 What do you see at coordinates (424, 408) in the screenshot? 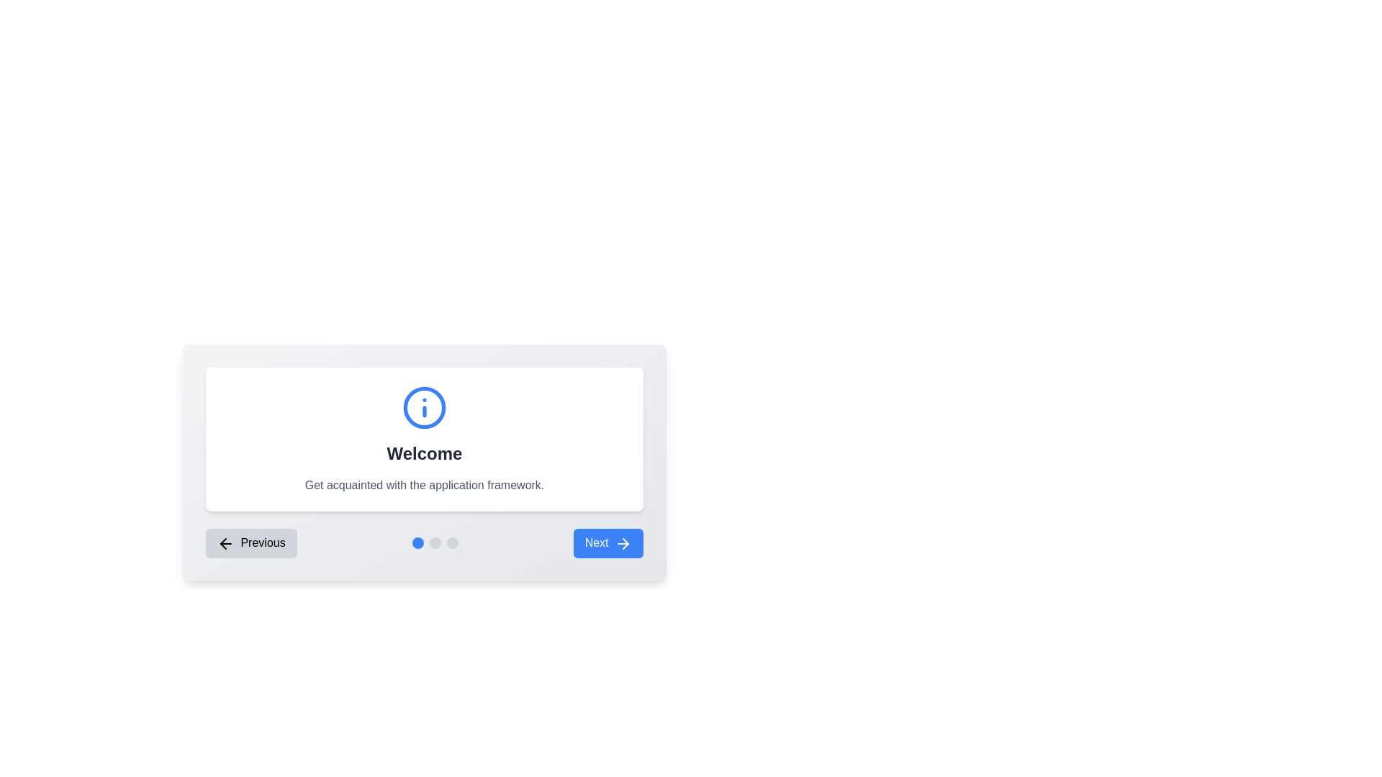
I see `the circular graphic element that is centered within the information icon, which is displayed above the text 'Welcome' in the card-like section` at bounding box center [424, 408].